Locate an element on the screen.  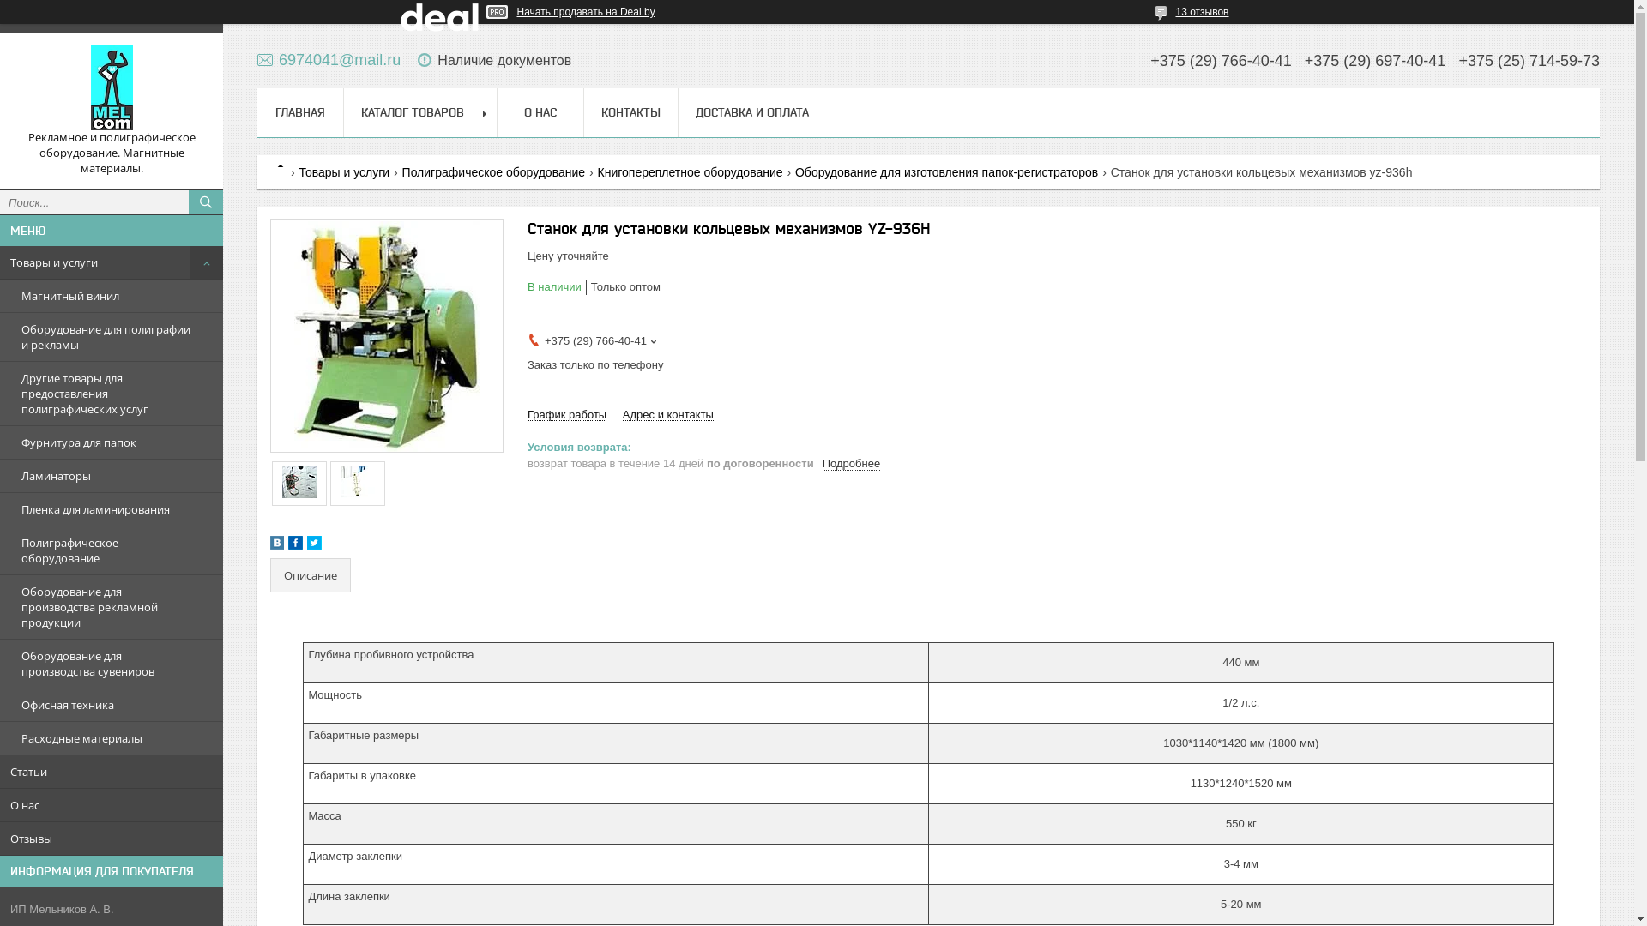
'twitter' is located at coordinates (314, 545).